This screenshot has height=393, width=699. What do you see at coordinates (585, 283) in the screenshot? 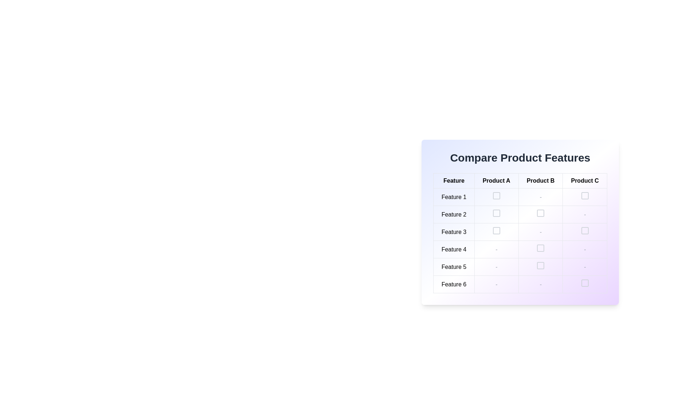
I see `the checkbox styled as a square with a light gray outline, located in the last row ('Feature 6') and last column ('Product C') of the table for keyboard interaction` at bounding box center [585, 283].